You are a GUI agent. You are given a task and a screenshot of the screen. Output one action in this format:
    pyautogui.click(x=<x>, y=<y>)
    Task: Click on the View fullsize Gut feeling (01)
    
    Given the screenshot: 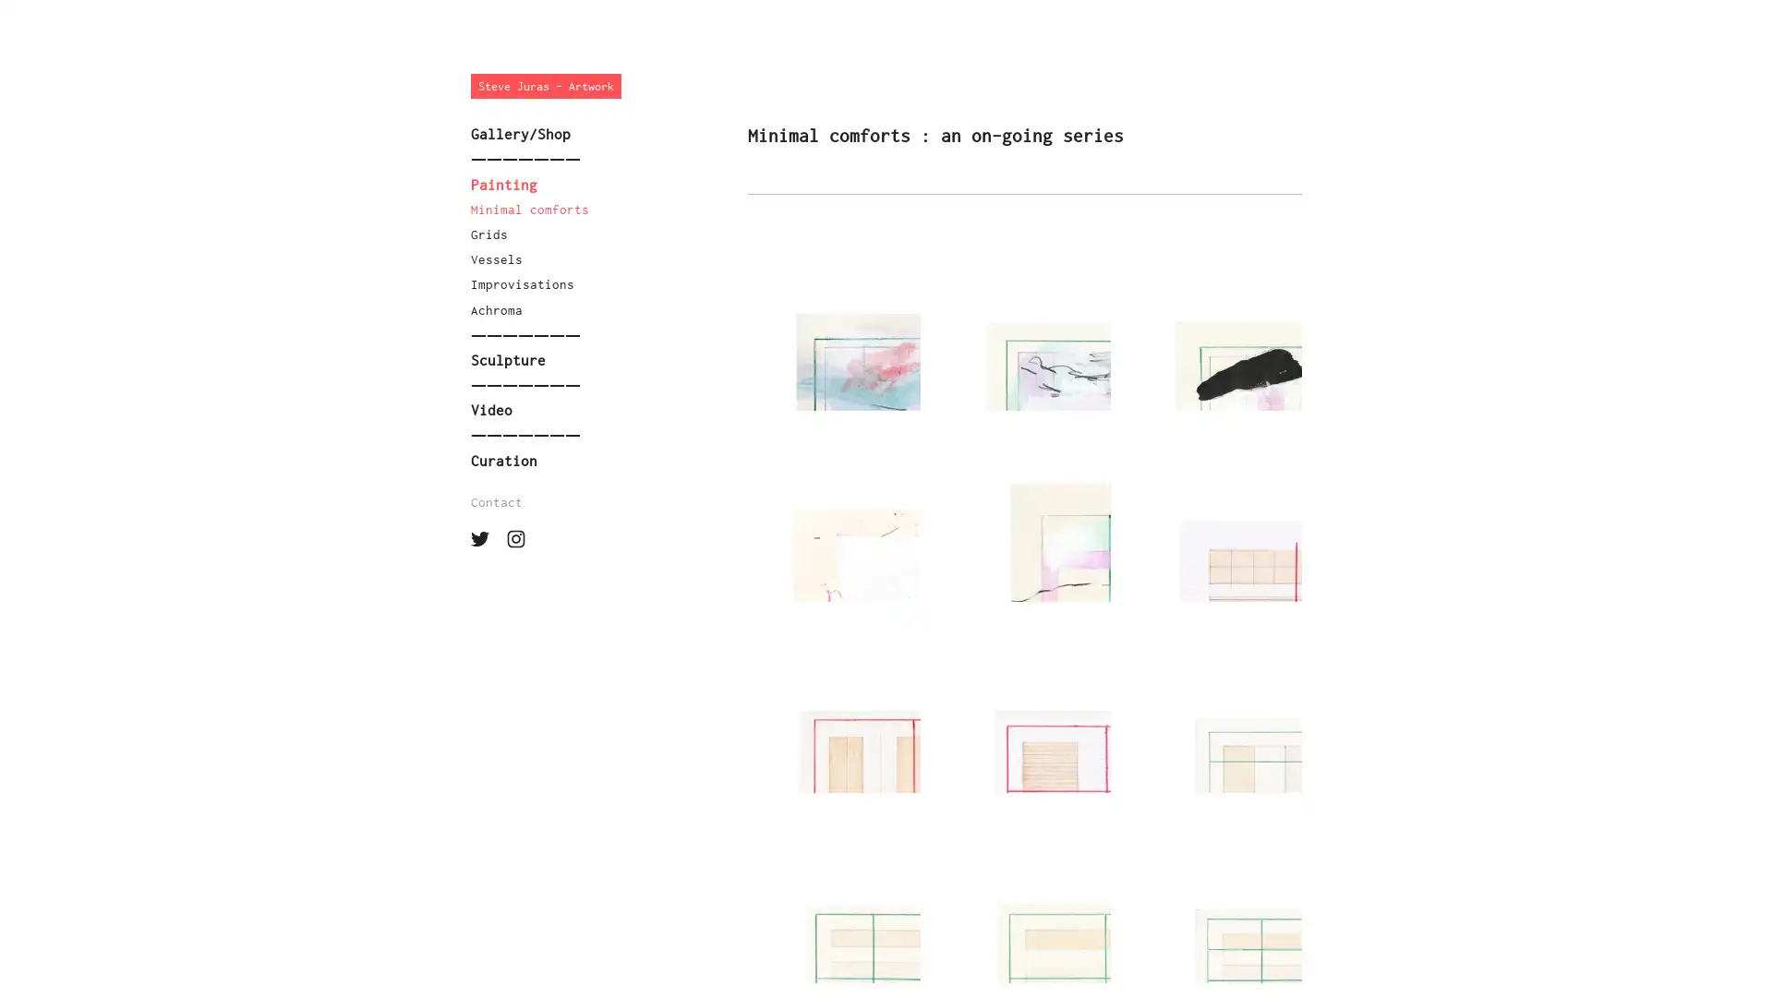 What is the action you would take?
    pyautogui.click(x=1023, y=323)
    